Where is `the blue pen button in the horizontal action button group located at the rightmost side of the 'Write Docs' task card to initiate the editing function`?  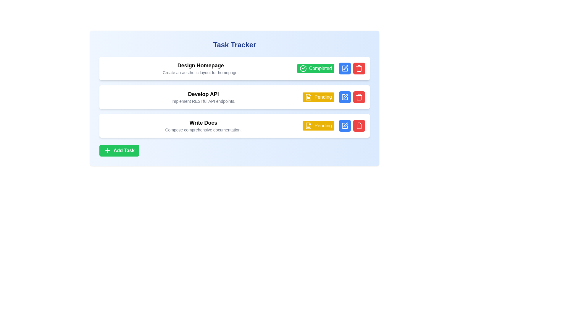 the blue pen button in the horizontal action button group located at the rightmost side of the 'Write Docs' task card to initiate the editing function is located at coordinates (352, 125).